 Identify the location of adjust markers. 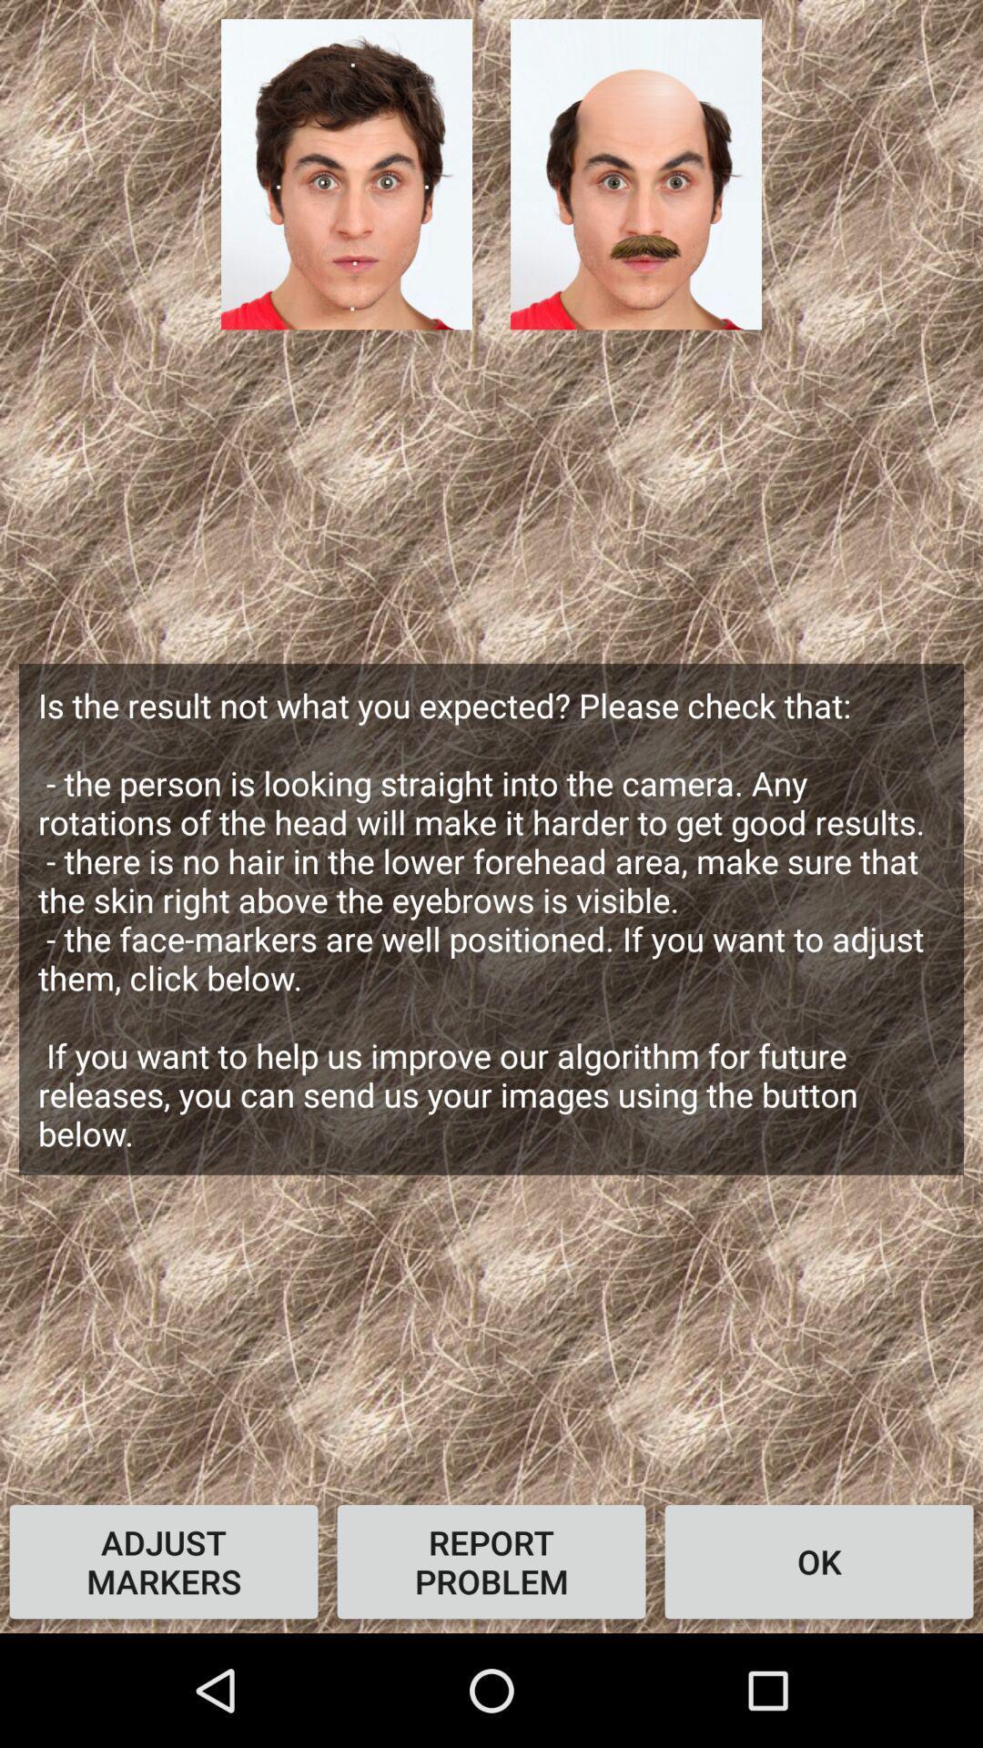
(164, 1560).